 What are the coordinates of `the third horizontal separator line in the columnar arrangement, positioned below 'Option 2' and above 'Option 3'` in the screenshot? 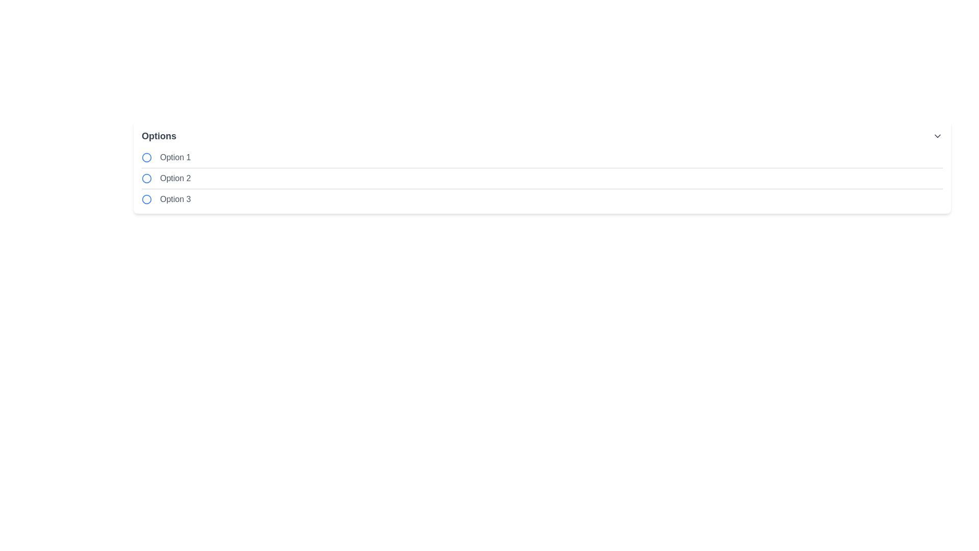 It's located at (542, 189).